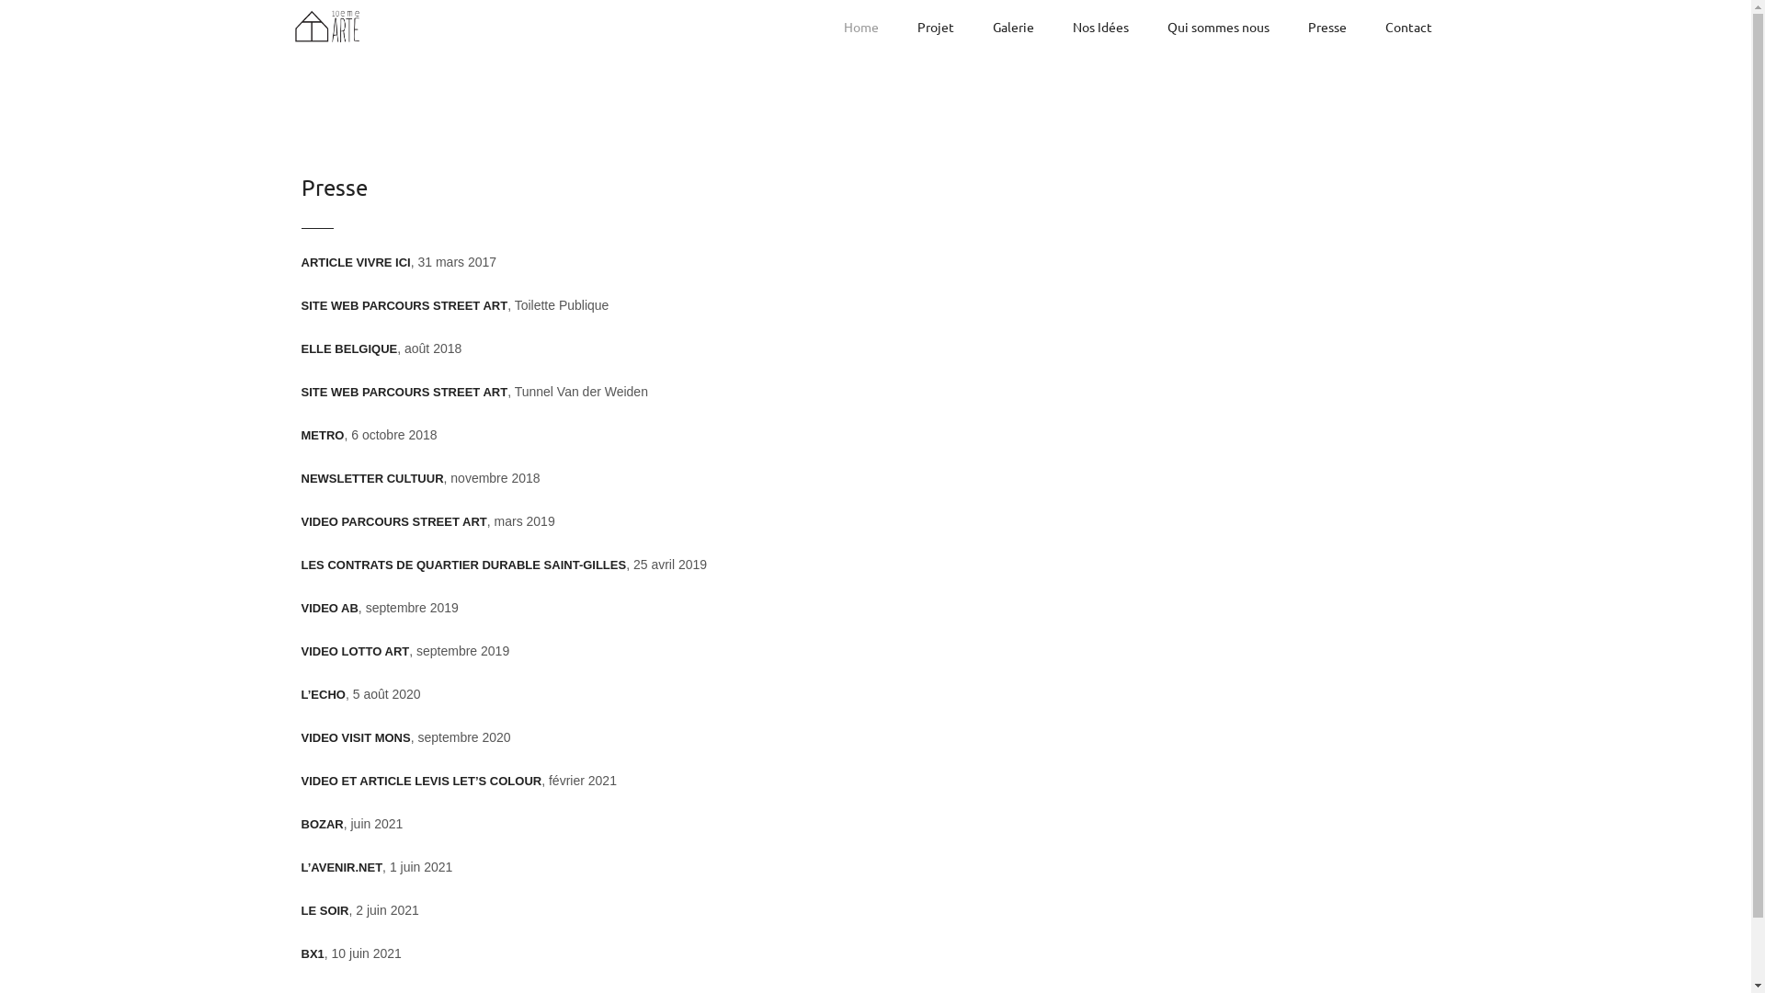 This screenshot has height=993, width=1765. Describe the element at coordinates (356, 262) in the screenshot. I see `'ARTICLE VIVRE ICI'` at that location.